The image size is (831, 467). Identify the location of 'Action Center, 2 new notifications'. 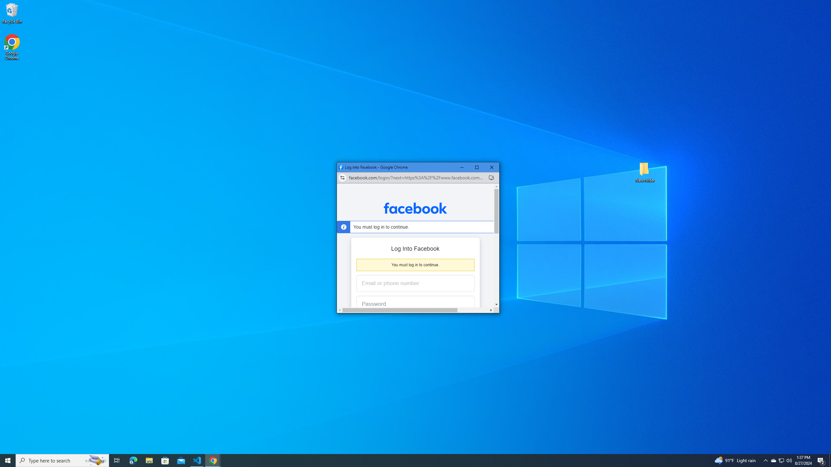
(781, 460).